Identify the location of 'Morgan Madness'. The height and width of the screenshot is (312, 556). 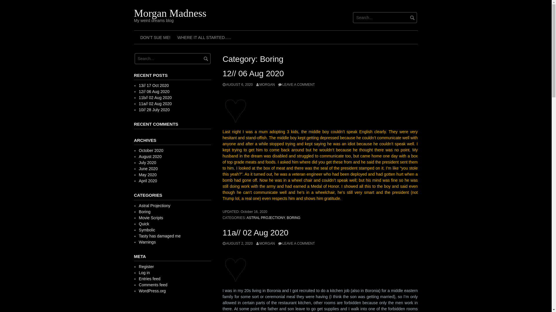
(169, 13).